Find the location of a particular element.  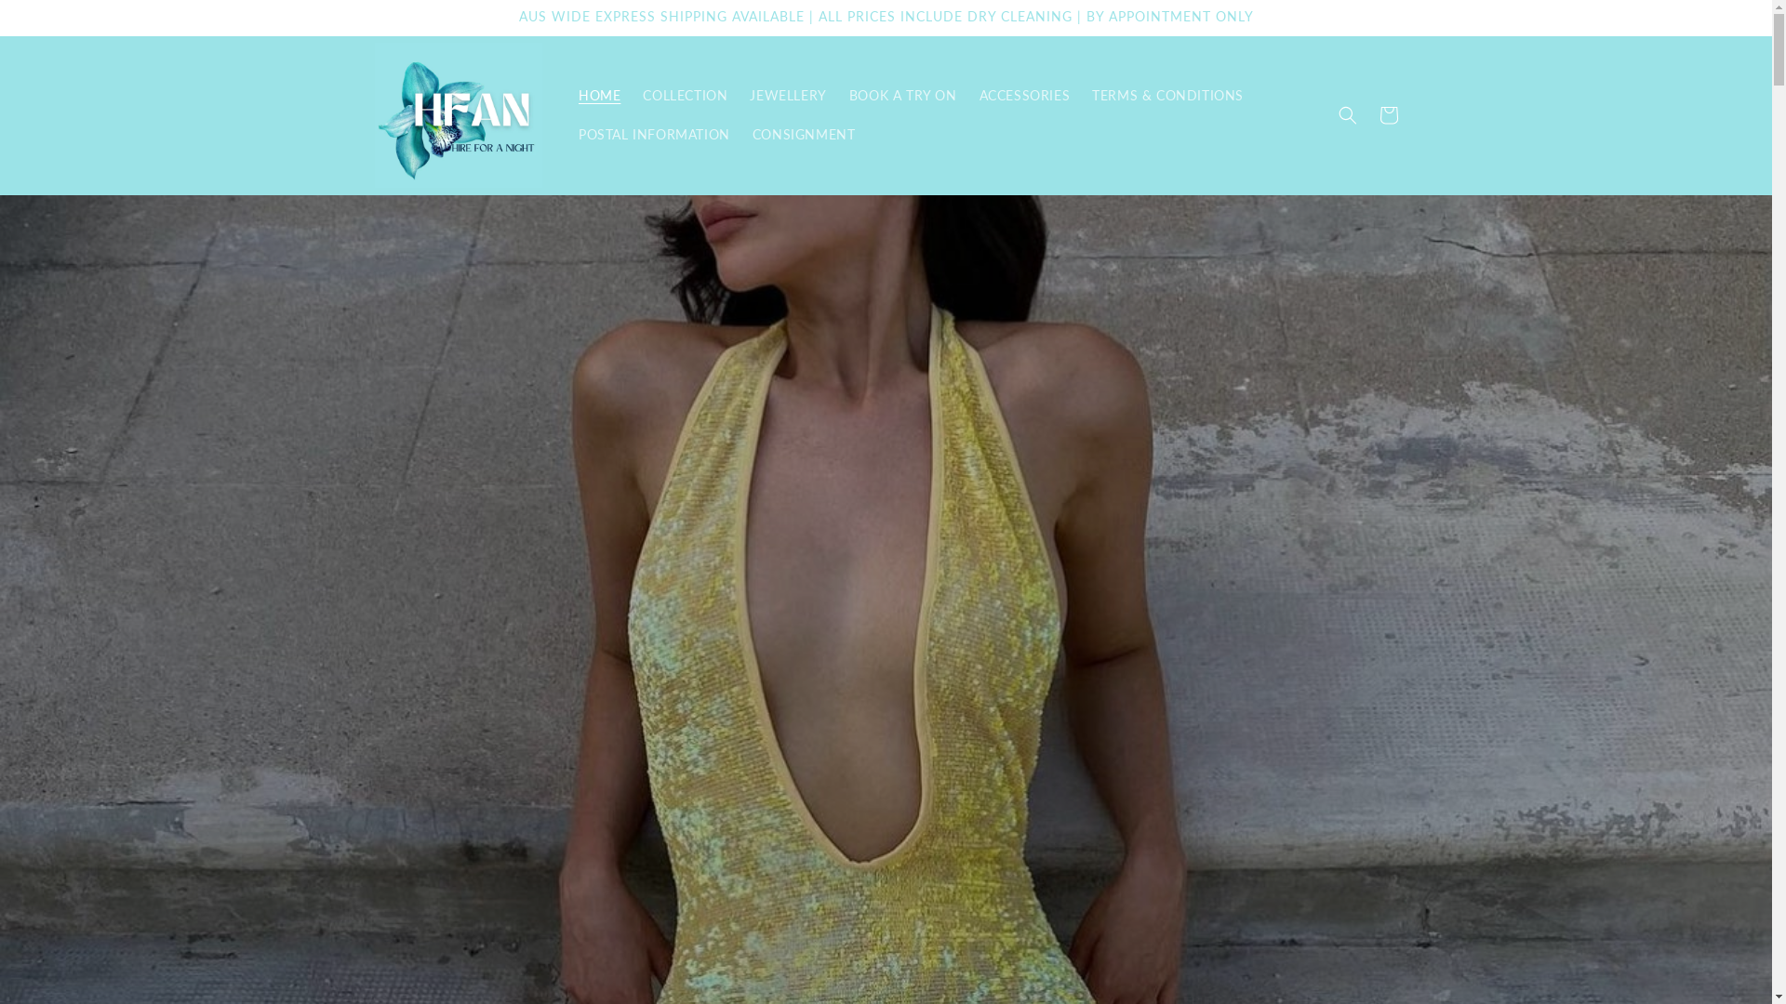

'TERMS & CONDITIONS' is located at coordinates (1166, 96).